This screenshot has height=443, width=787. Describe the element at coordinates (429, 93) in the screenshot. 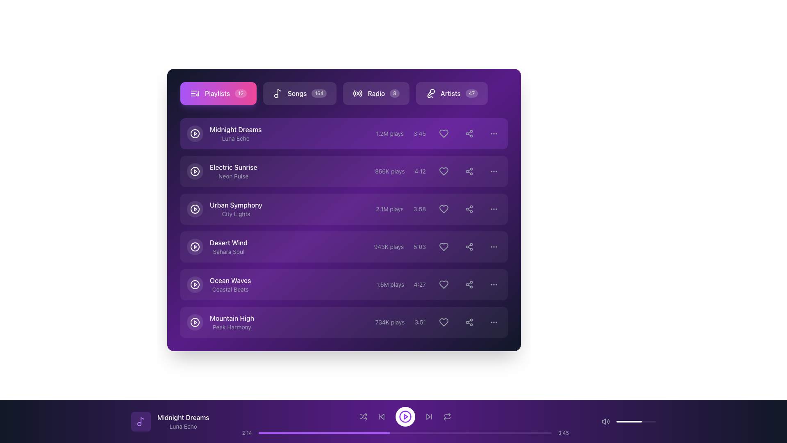

I see `the Artists button, which contains a microphone-like vector graphic icon` at that location.